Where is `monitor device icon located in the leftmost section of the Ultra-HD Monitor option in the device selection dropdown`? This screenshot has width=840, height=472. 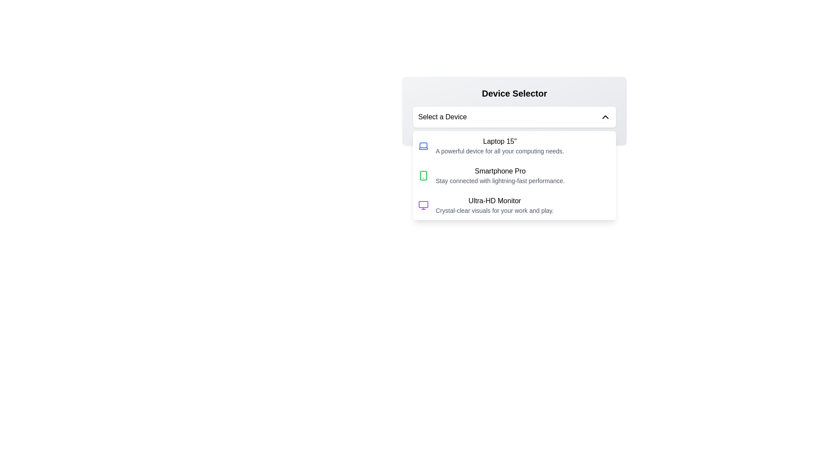 monitor device icon located in the leftmost section of the Ultra-HD Monitor option in the device selection dropdown is located at coordinates (423, 205).